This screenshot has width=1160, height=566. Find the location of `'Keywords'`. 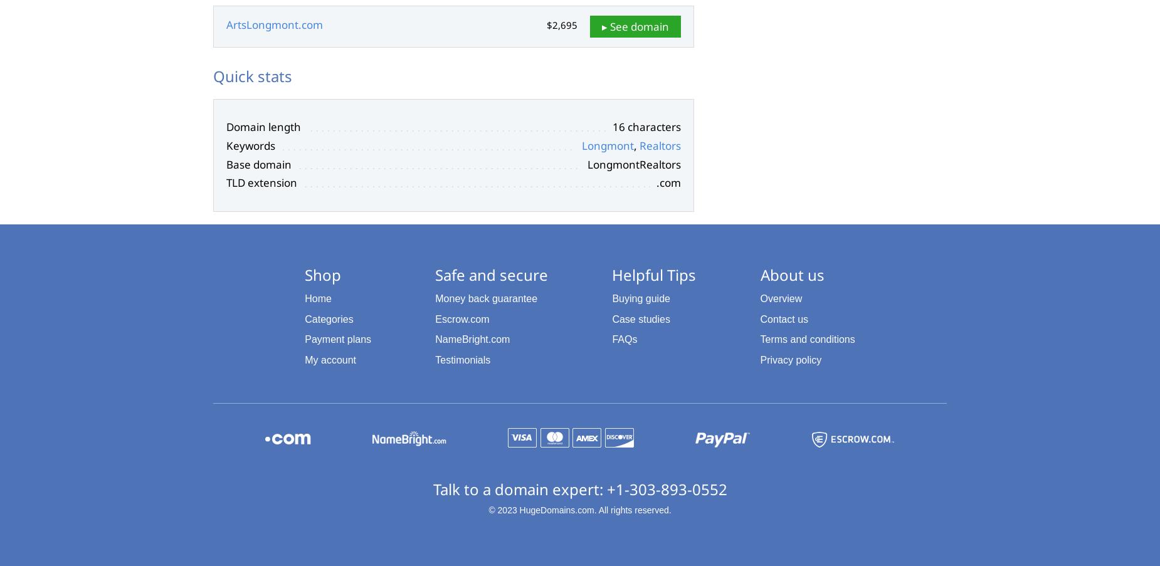

'Keywords' is located at coordinates (225, 145).